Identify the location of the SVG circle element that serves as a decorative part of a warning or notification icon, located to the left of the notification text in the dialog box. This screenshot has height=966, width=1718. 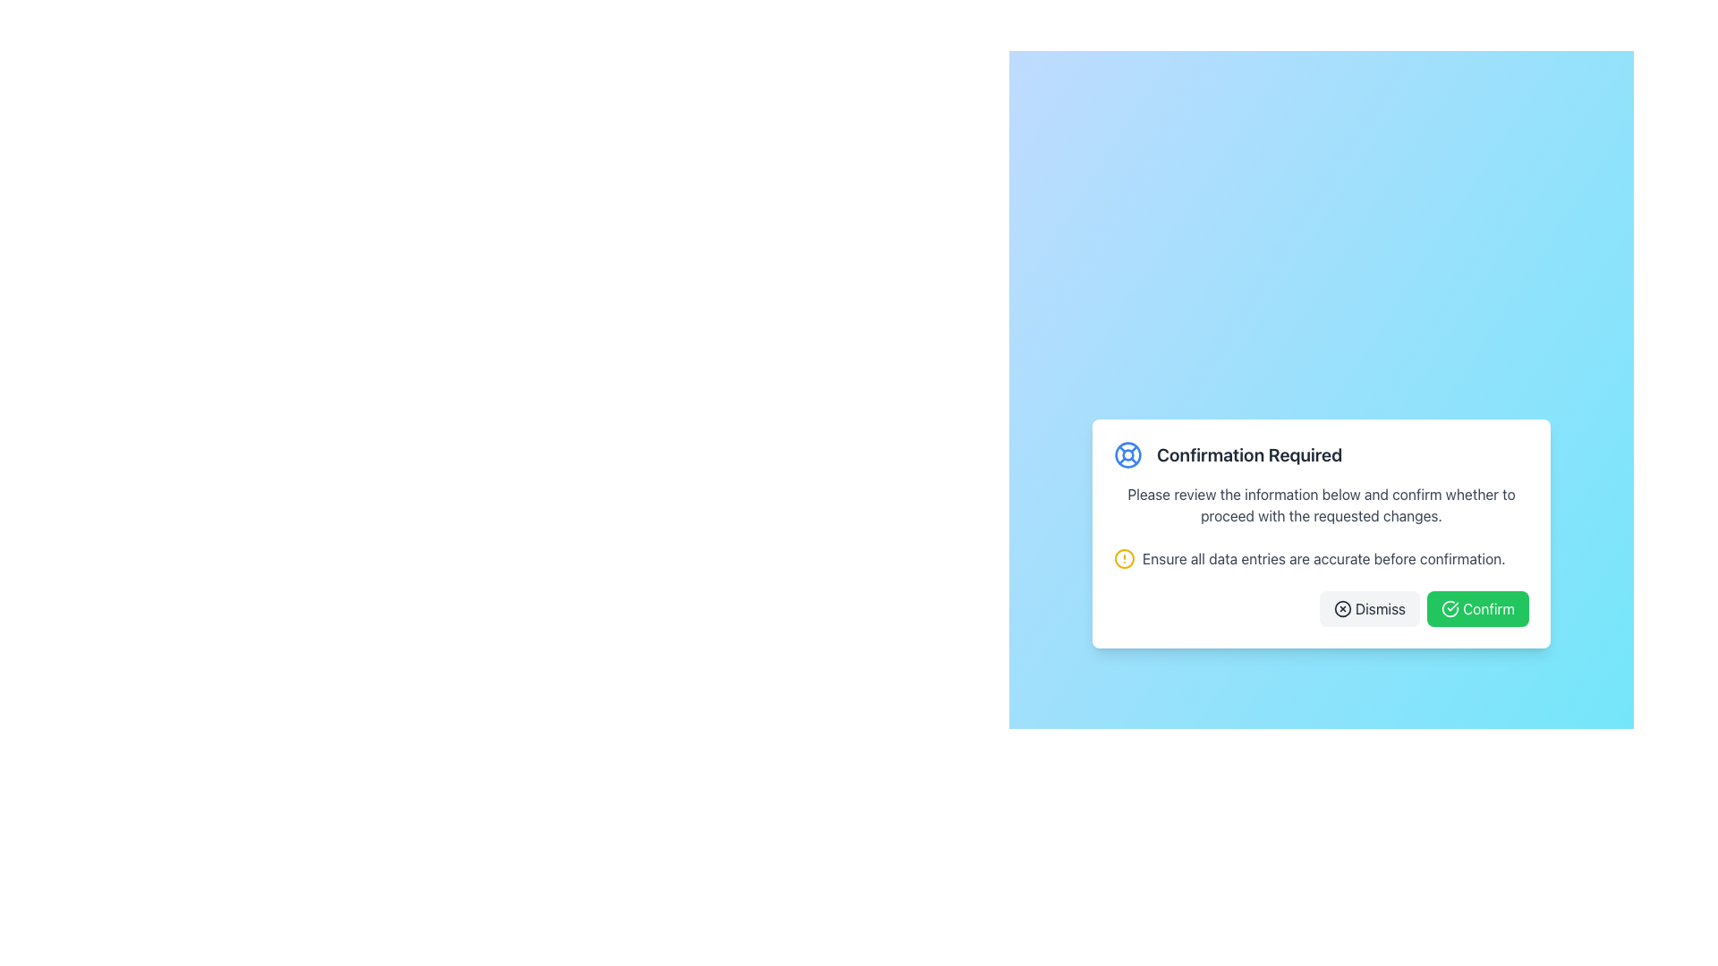
(1124, 557).